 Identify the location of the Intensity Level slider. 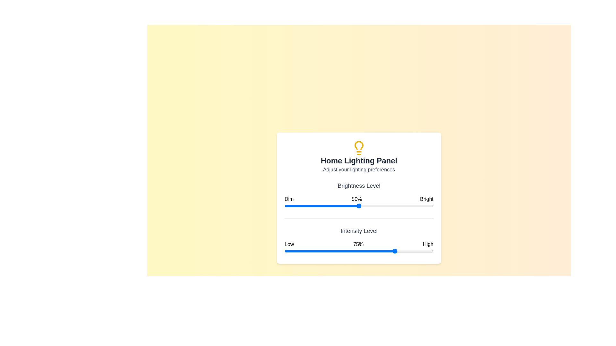
(383, 251).